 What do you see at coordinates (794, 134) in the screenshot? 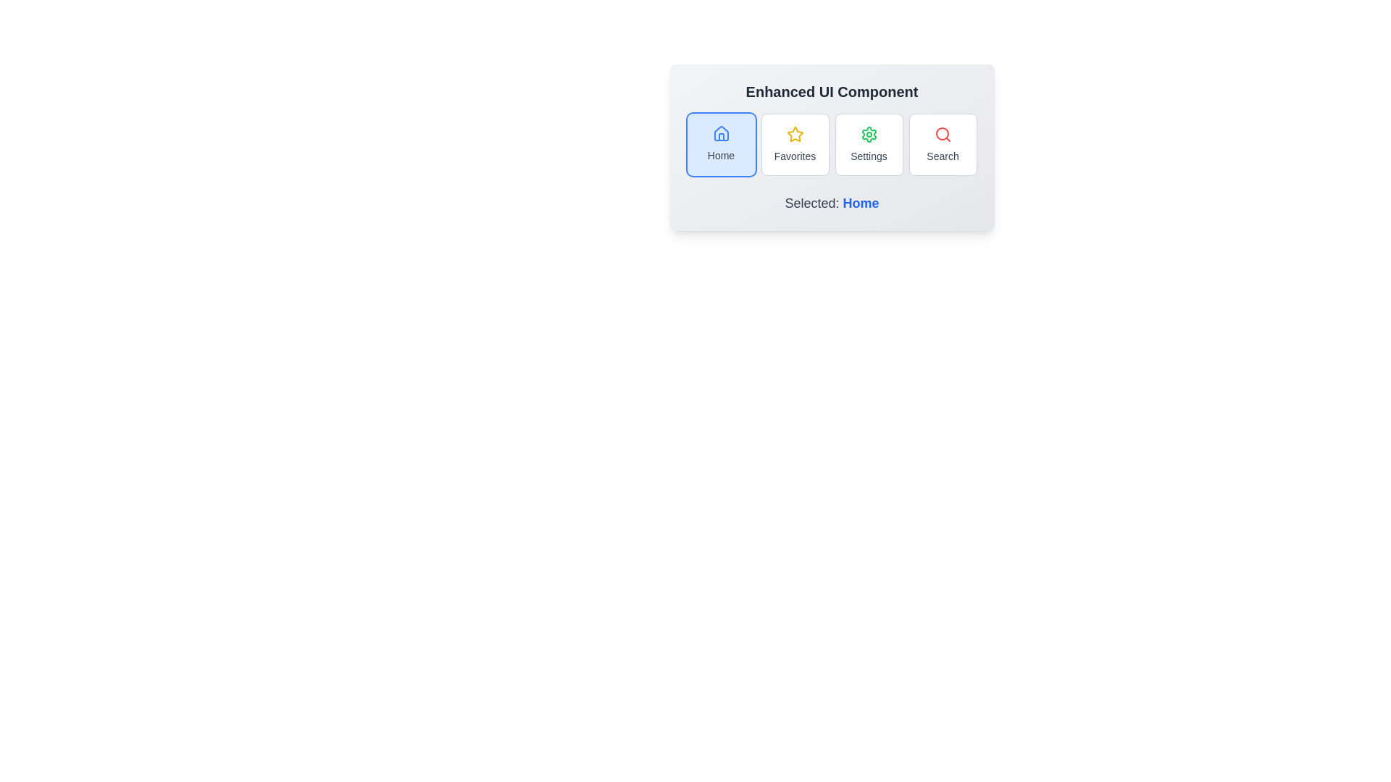
I see `the yellow star-shaped icon, which is the second icon in a row of options` at bounding box center [794, 134].